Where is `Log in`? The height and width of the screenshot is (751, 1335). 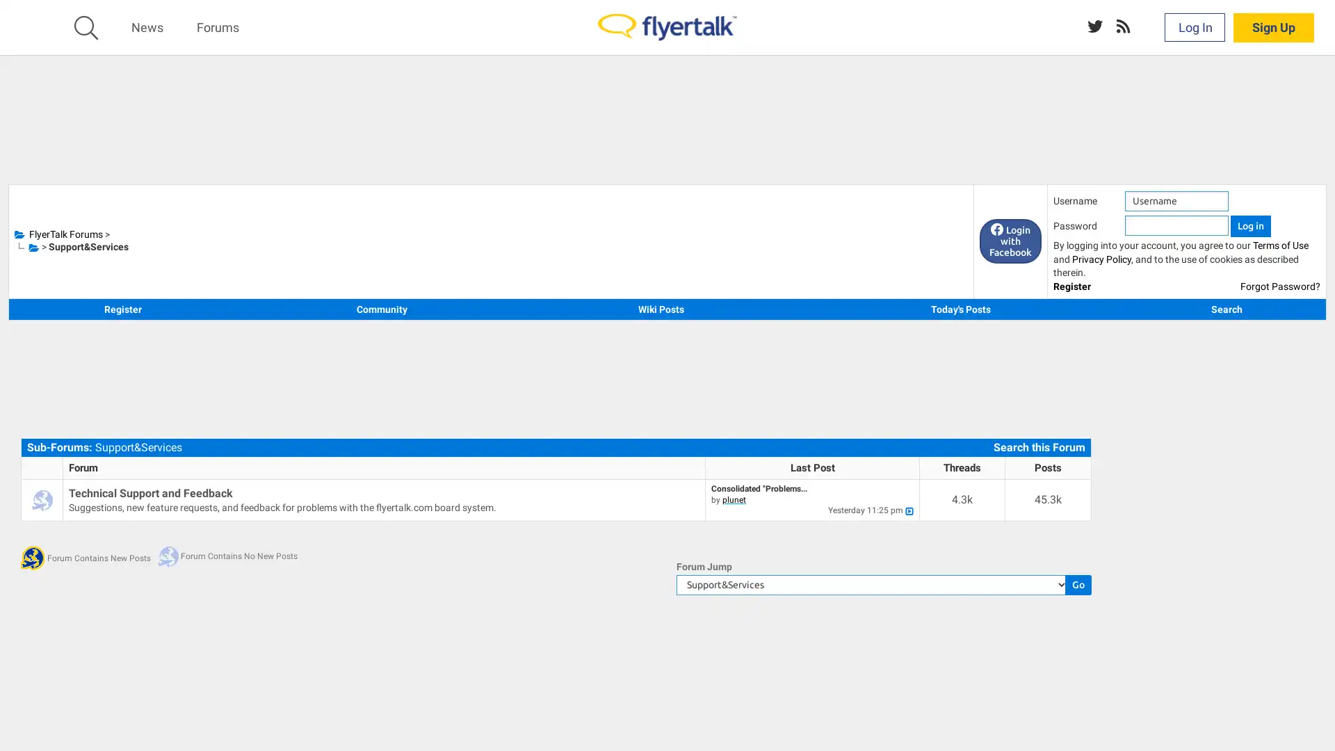
Log in is located at coordinates (1250, 225).